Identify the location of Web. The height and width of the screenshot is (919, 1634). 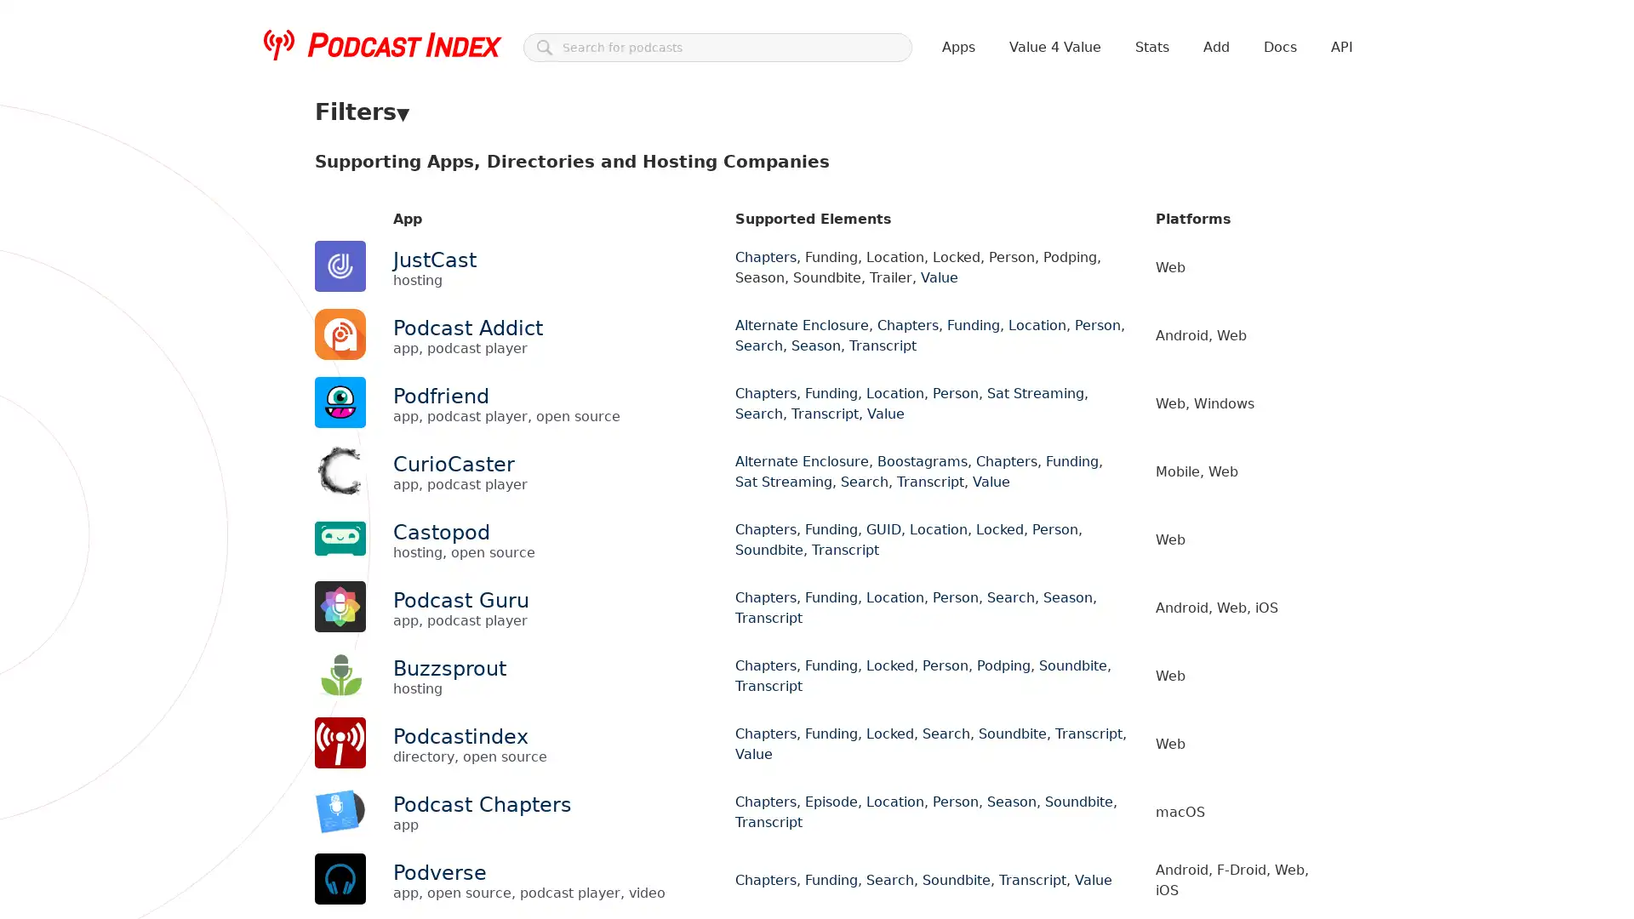
(336, 383).